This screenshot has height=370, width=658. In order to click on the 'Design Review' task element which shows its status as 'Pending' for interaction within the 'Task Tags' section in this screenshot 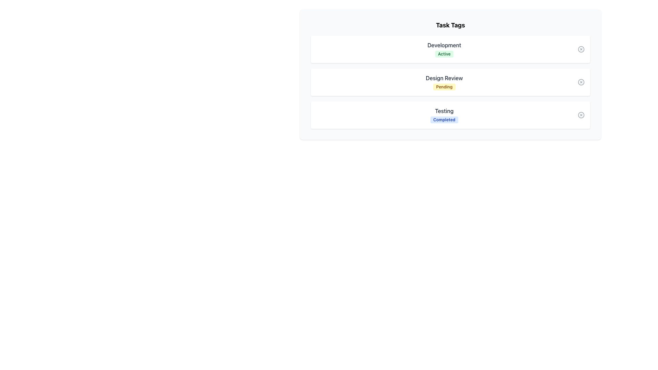, I will do `click(444, 82)`.